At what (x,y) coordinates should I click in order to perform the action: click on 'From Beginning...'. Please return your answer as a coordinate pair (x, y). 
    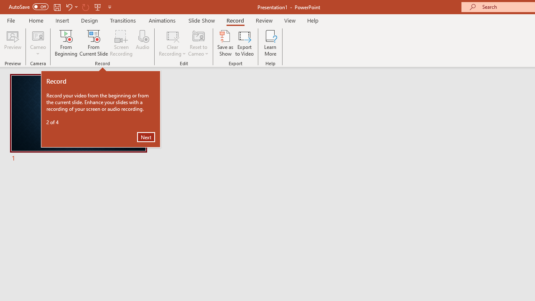
    Looking at the image, I should click on (66, 43).